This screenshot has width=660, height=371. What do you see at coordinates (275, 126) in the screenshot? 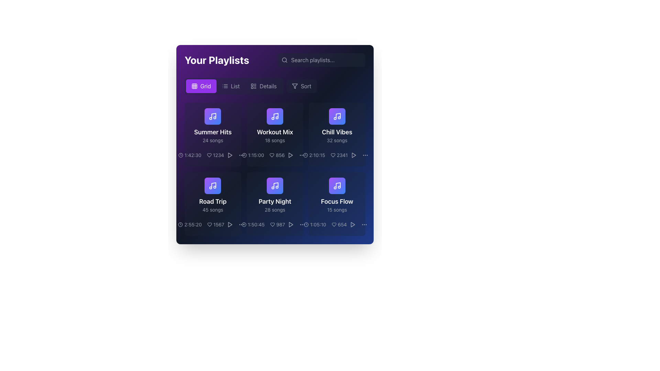
I see `the 'Workout Mix' playlist item to play the music contained within it` at bounding box center [275, 126].